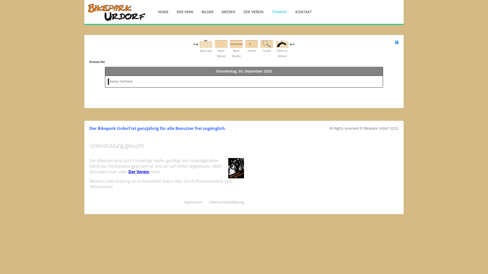 The image size is (488, 274). Describe the element at coordinates (163, 11) in the screenshot. I see `'HOME'` at that location.